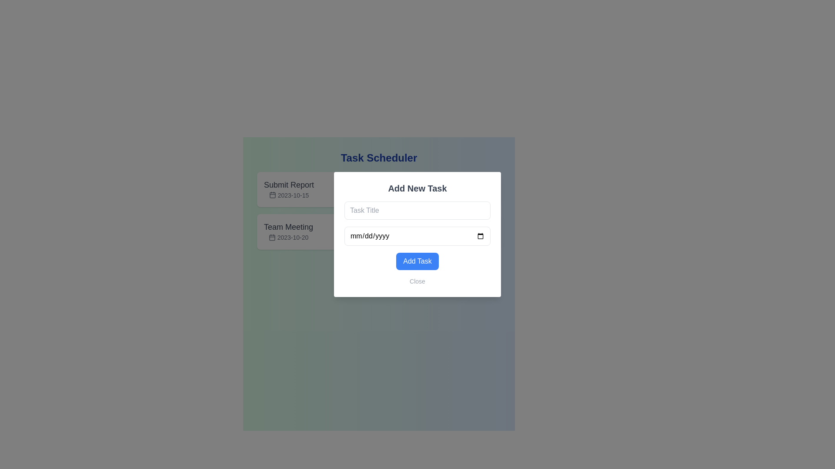 The width and height of the screenshot is (835, 469). I want to click on the static textual display that shows a scheduled task with its title and associated date in the Task Scheduler section, so click(289, 189).